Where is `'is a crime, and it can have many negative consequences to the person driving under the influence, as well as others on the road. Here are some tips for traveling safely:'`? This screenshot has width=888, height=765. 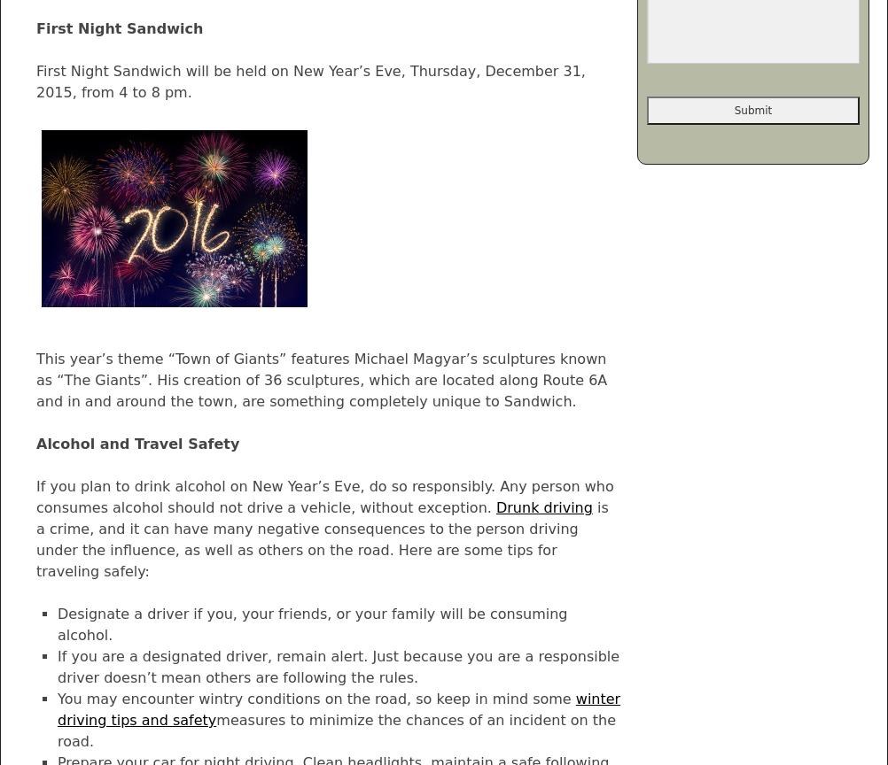 'is a crime, and it can have many negative consequences to the person driving under the influence, as well as others on the road. Here are some tips for traveling safely:' is located at coordinates (322, 538).